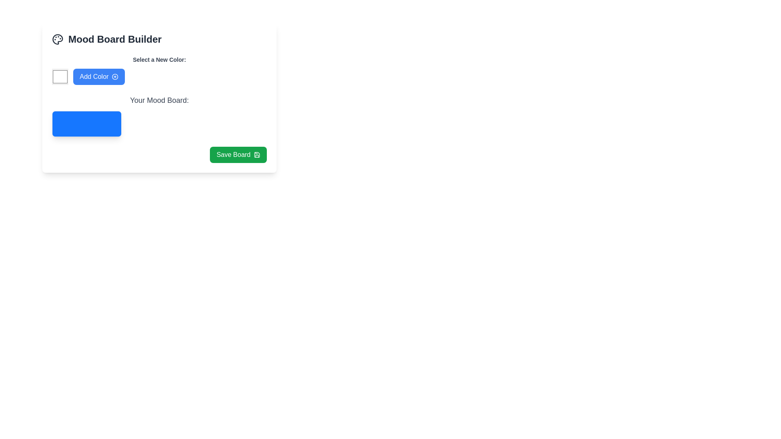  I want to click on the painter's palette icon which represents creativity and color selection in the header section of the interface, located to the left of the 'Mood Board Builder' title, so click(57, 39).